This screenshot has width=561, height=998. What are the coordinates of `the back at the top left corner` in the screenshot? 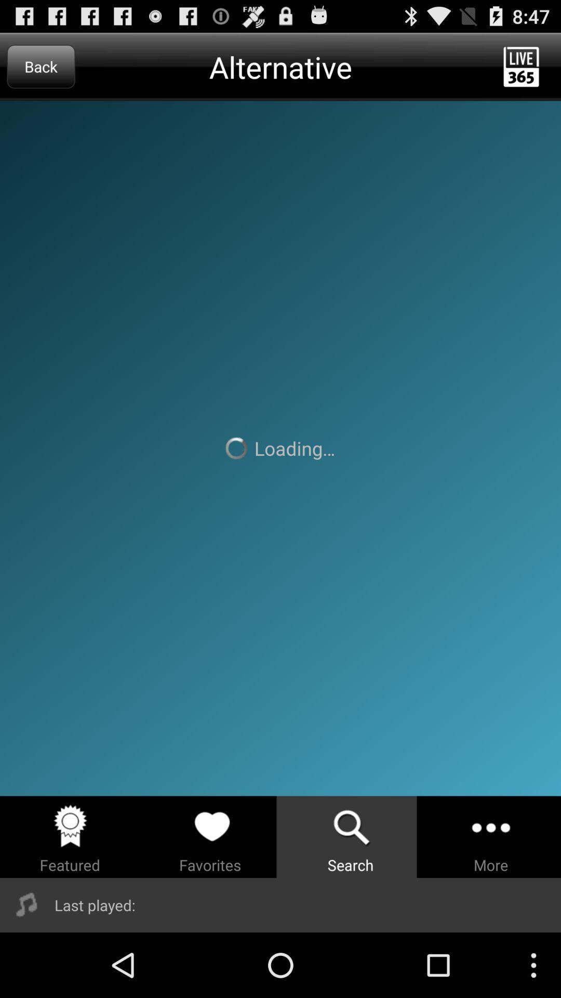 It's located at (41, 66).